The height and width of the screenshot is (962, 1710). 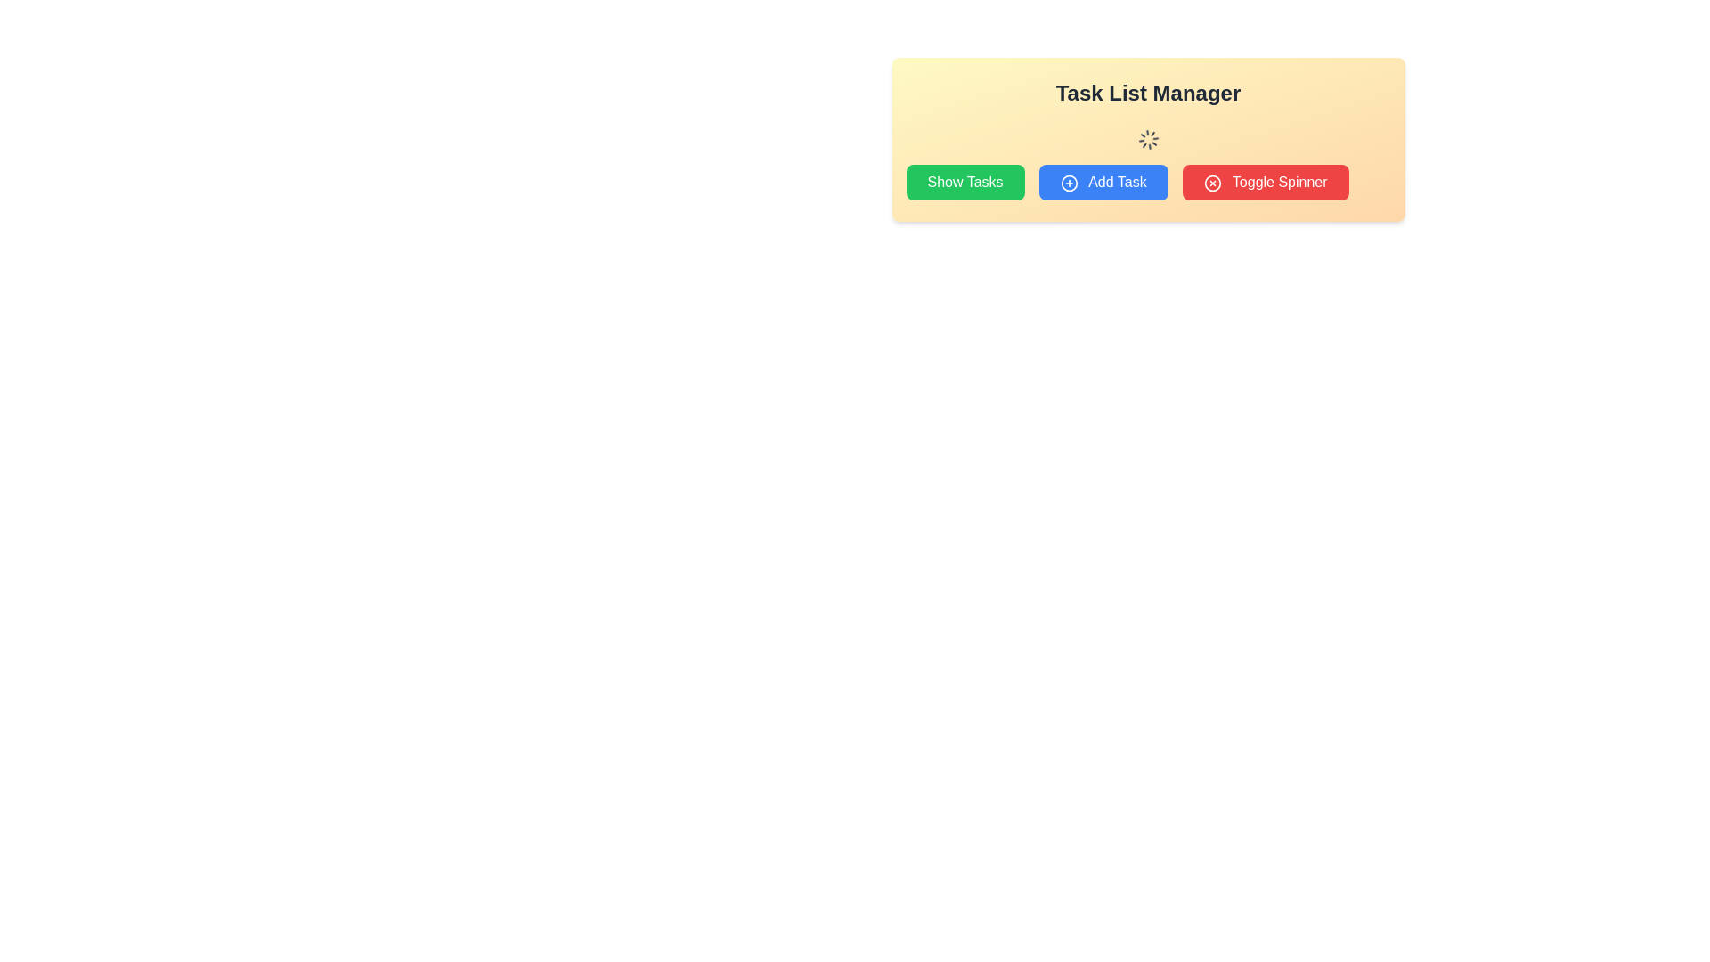 I want to click on the 'Add Task' button icon that initiates the action, so click(x=1069, y=183).